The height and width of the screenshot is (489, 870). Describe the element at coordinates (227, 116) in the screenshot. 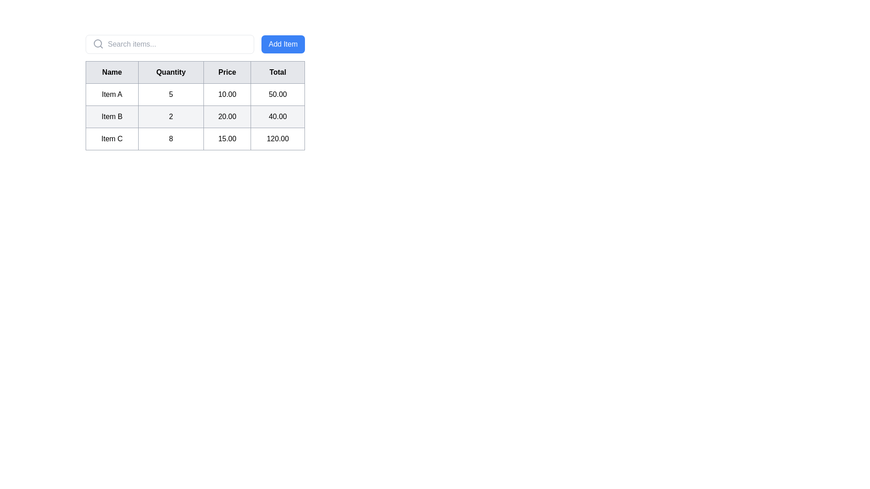

I see `the price label for Item B located in the second row and third column of the table, which displays the numeric value used for total cost calculation` at that location.